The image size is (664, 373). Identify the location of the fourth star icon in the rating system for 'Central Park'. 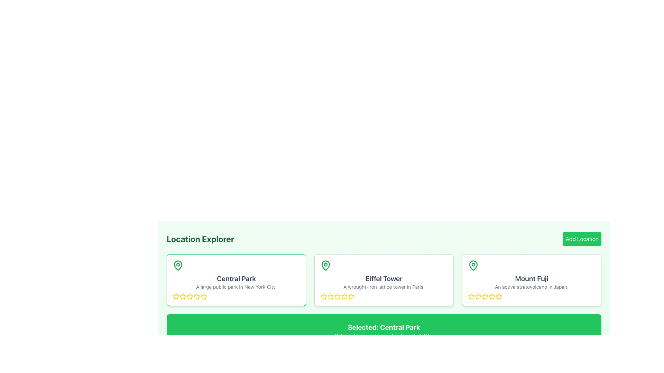
(196, 296).